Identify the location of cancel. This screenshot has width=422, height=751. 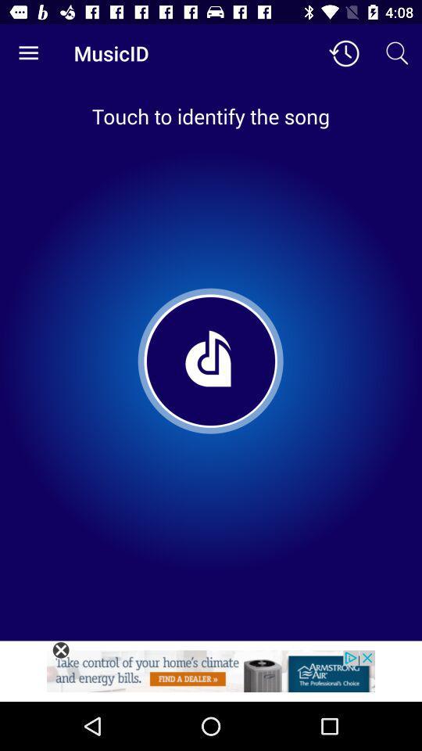
(60, 650).